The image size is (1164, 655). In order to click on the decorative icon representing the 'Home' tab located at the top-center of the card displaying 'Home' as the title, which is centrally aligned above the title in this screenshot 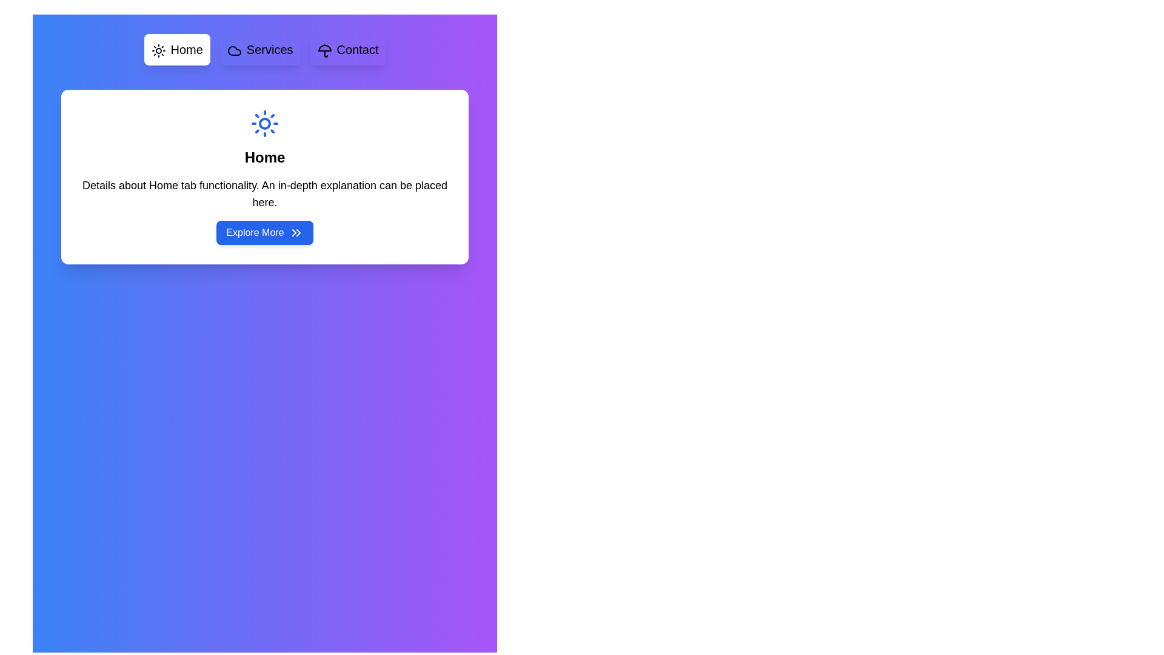, I will do `click(264, 124)`.